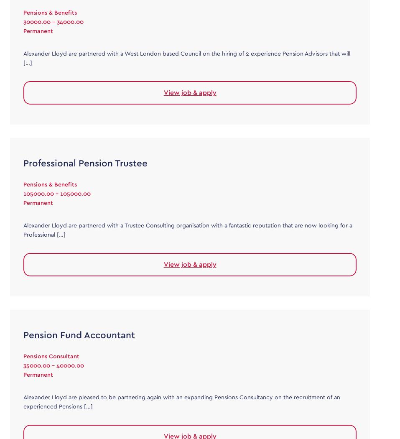 The height and width of the screenshot is (439, 400). Describe the element at coordinates (54, 21) in the screenshot. I see `'30000.00 - 34000.00'` at that location.